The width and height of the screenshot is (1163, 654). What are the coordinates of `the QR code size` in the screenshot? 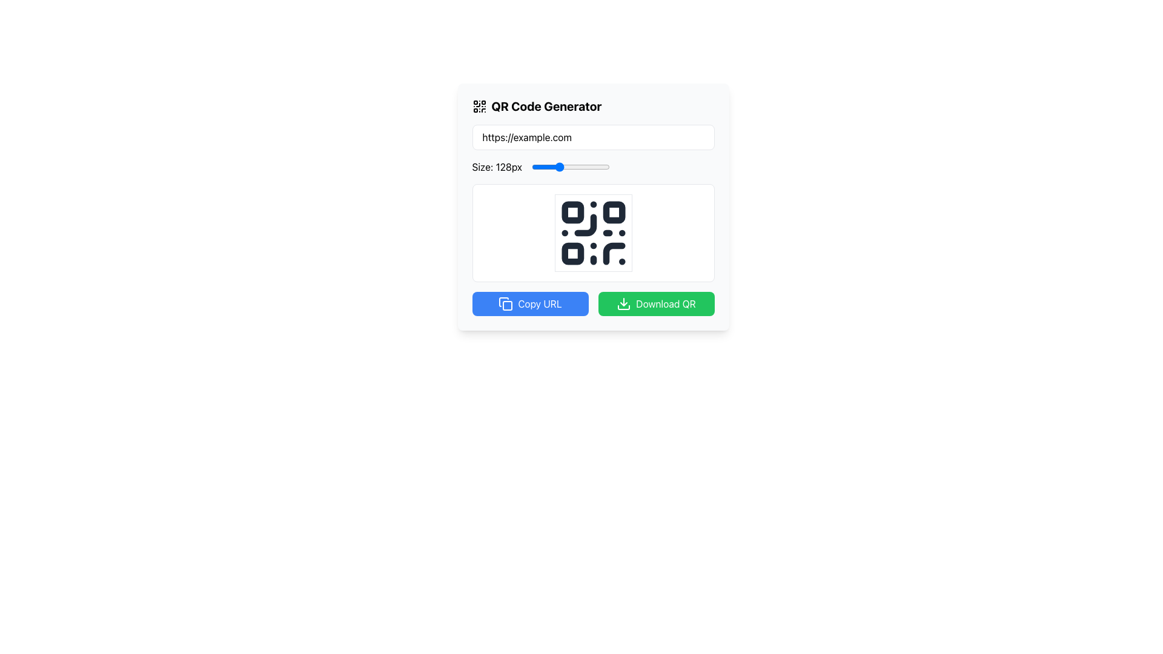 It's located at (553, 167).